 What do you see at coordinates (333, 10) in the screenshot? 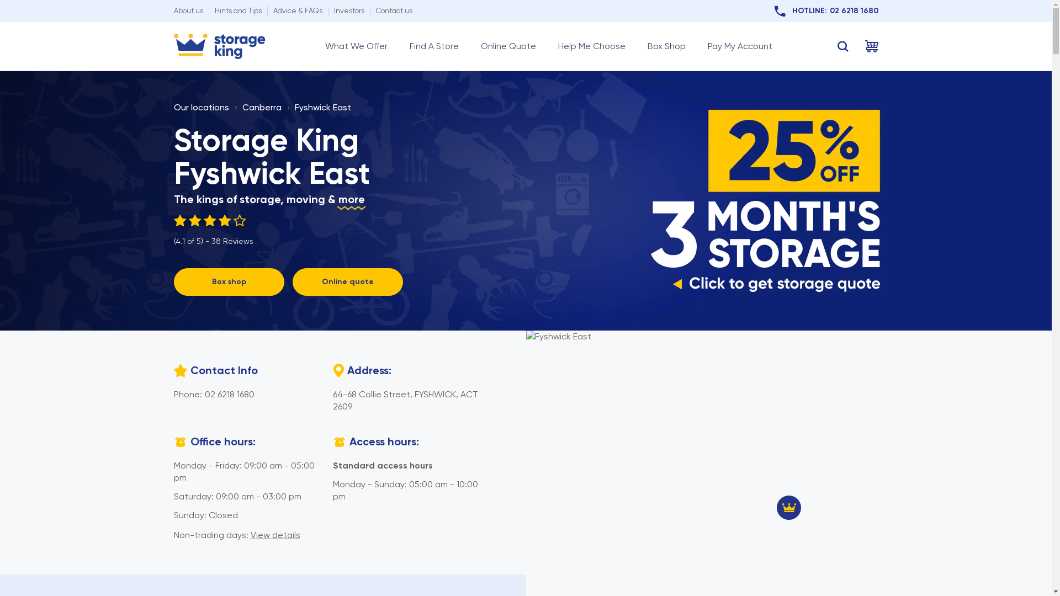
I see `'Investors'` at bounding box center [333, 10].